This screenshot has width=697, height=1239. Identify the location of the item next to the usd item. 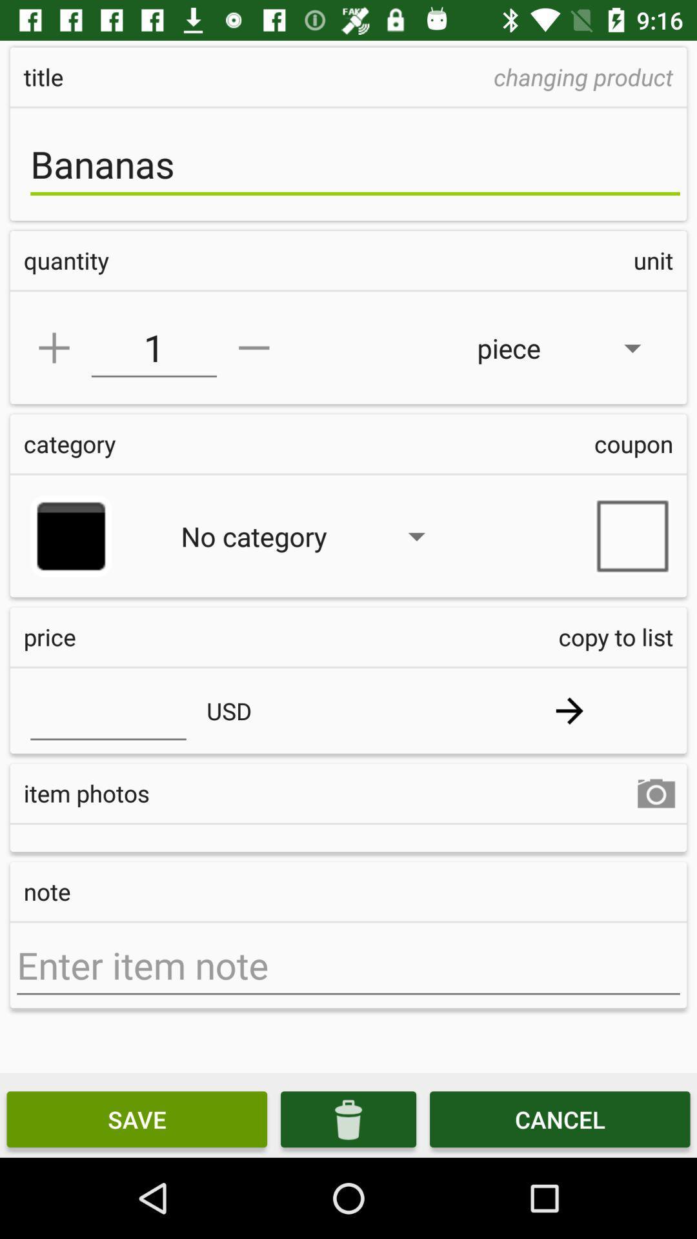
(569, 710).